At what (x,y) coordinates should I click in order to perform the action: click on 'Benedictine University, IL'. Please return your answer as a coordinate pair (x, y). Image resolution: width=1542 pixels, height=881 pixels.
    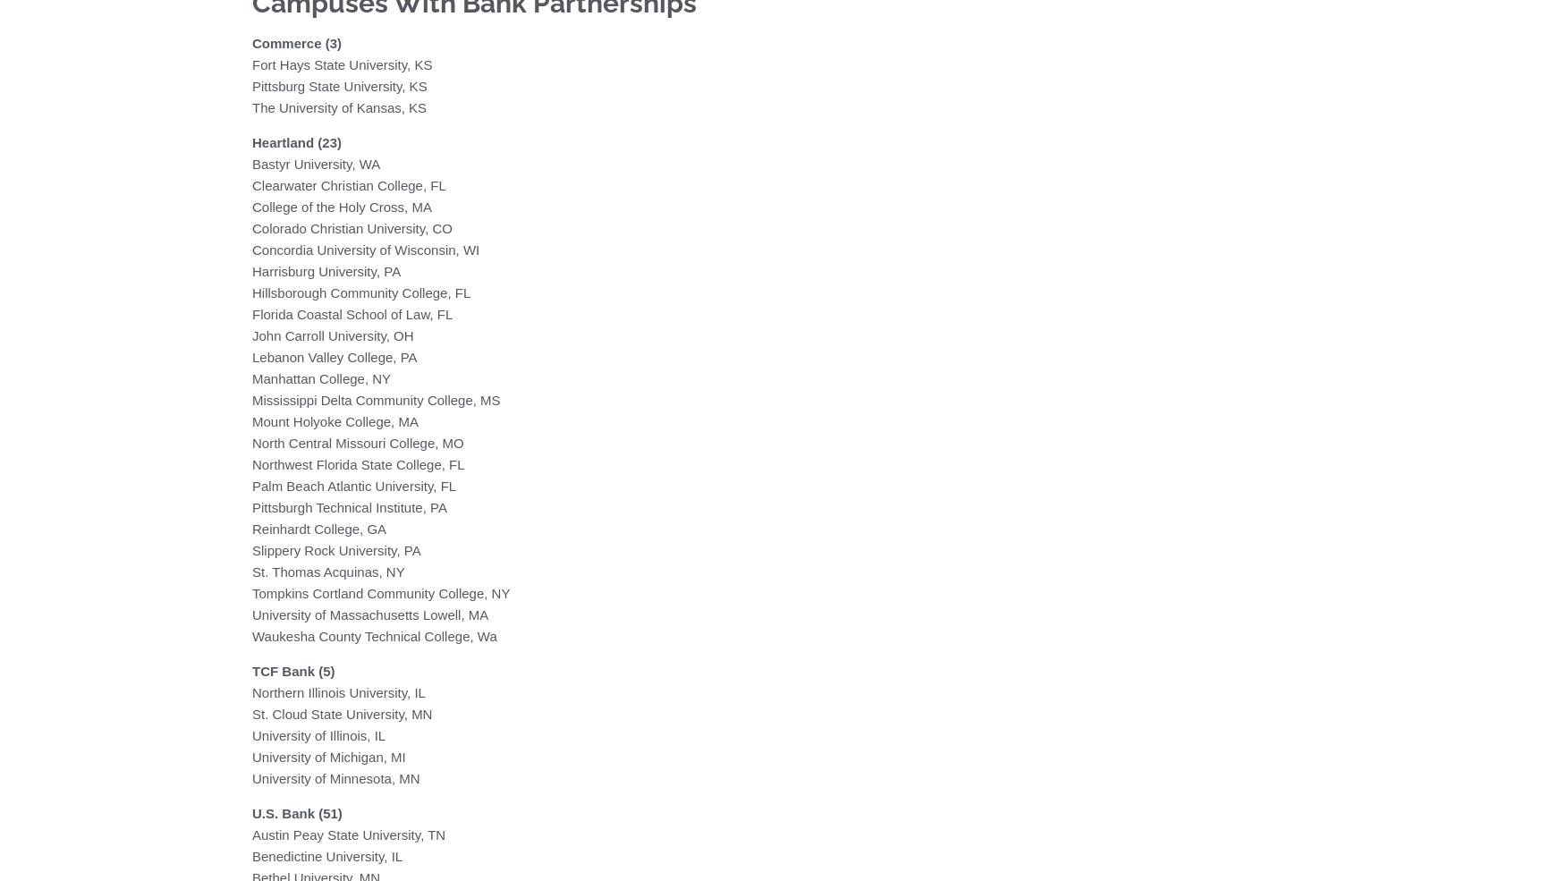
    Looking at the image, I should click on (251, 855).